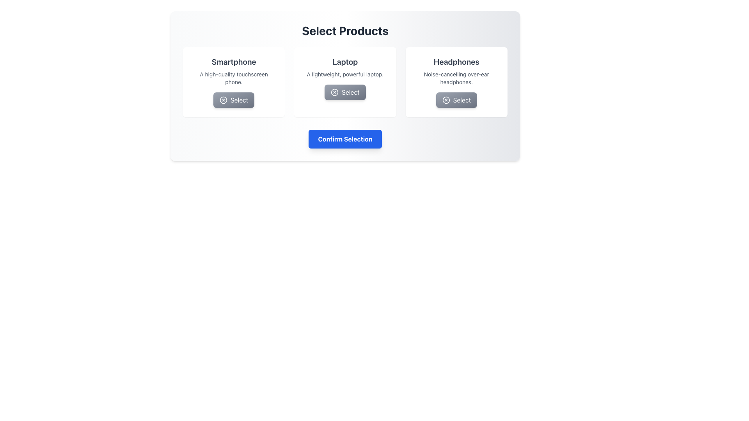 This screenshot has width=749, height=421. What do you see at coordinates (344, 30) in the screenshot?
I see `bold headline text 'Select Products' which is centered at the top of the section, clearly visible above the product cards` at bounding box center [344, 30].